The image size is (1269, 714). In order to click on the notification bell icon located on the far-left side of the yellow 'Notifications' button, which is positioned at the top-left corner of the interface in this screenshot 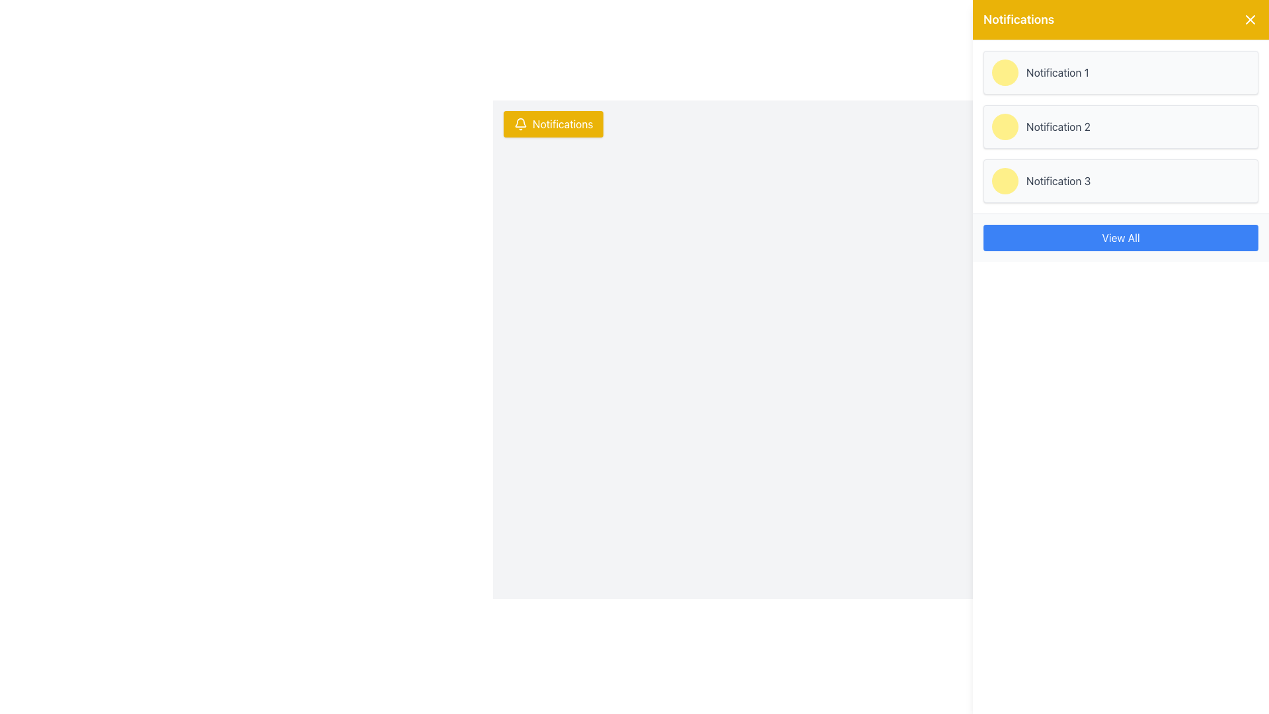, I will do `click(519, 124)`.